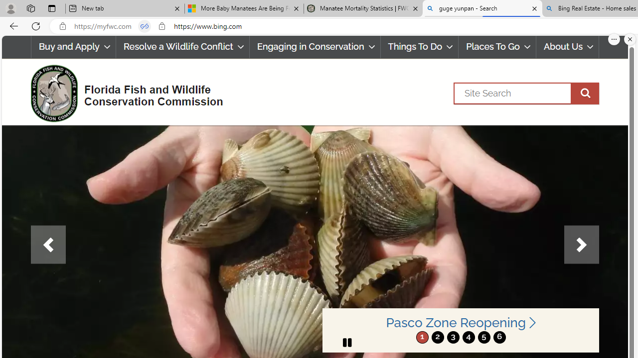 The height and width of the screenshot is (358, 638). Describe the element at coordinates (497, 47) in the screenshot. I see `'Places To Go'` at that location.